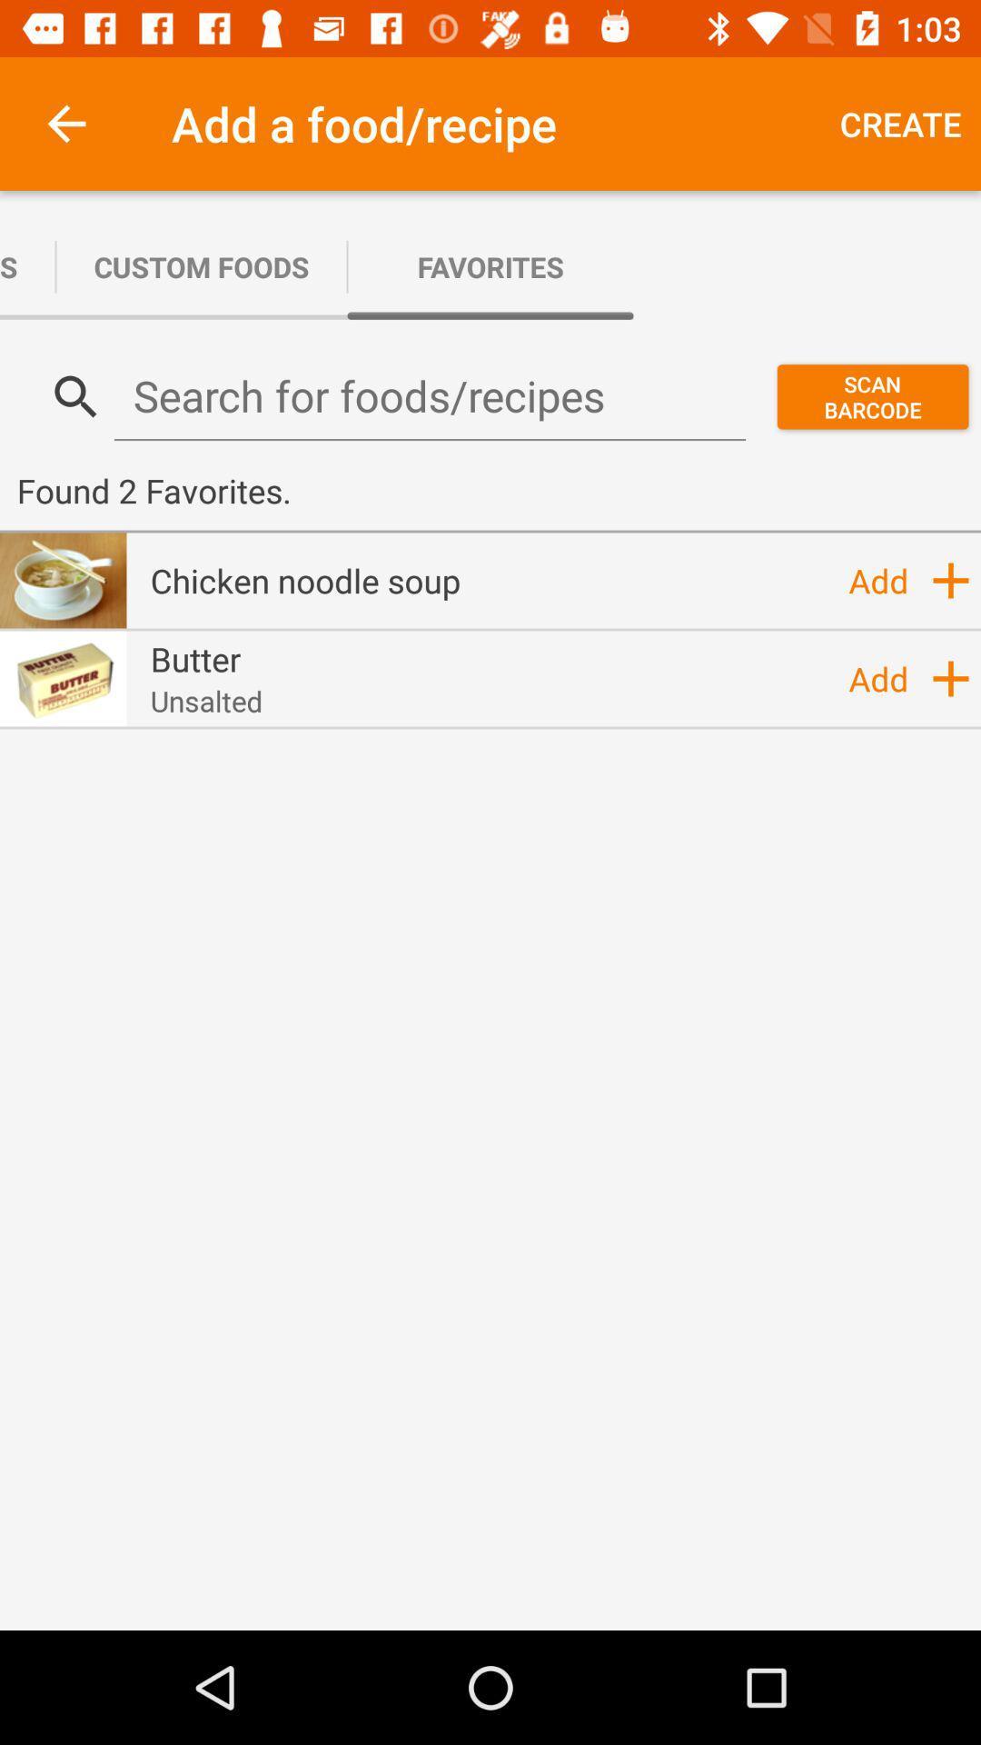 Image resolution: width=981 pixels, height=1745 pixels. Describe the element at coordinates (202, 265) in the screenshot. I see `the app next to custom recipes item` at that location.